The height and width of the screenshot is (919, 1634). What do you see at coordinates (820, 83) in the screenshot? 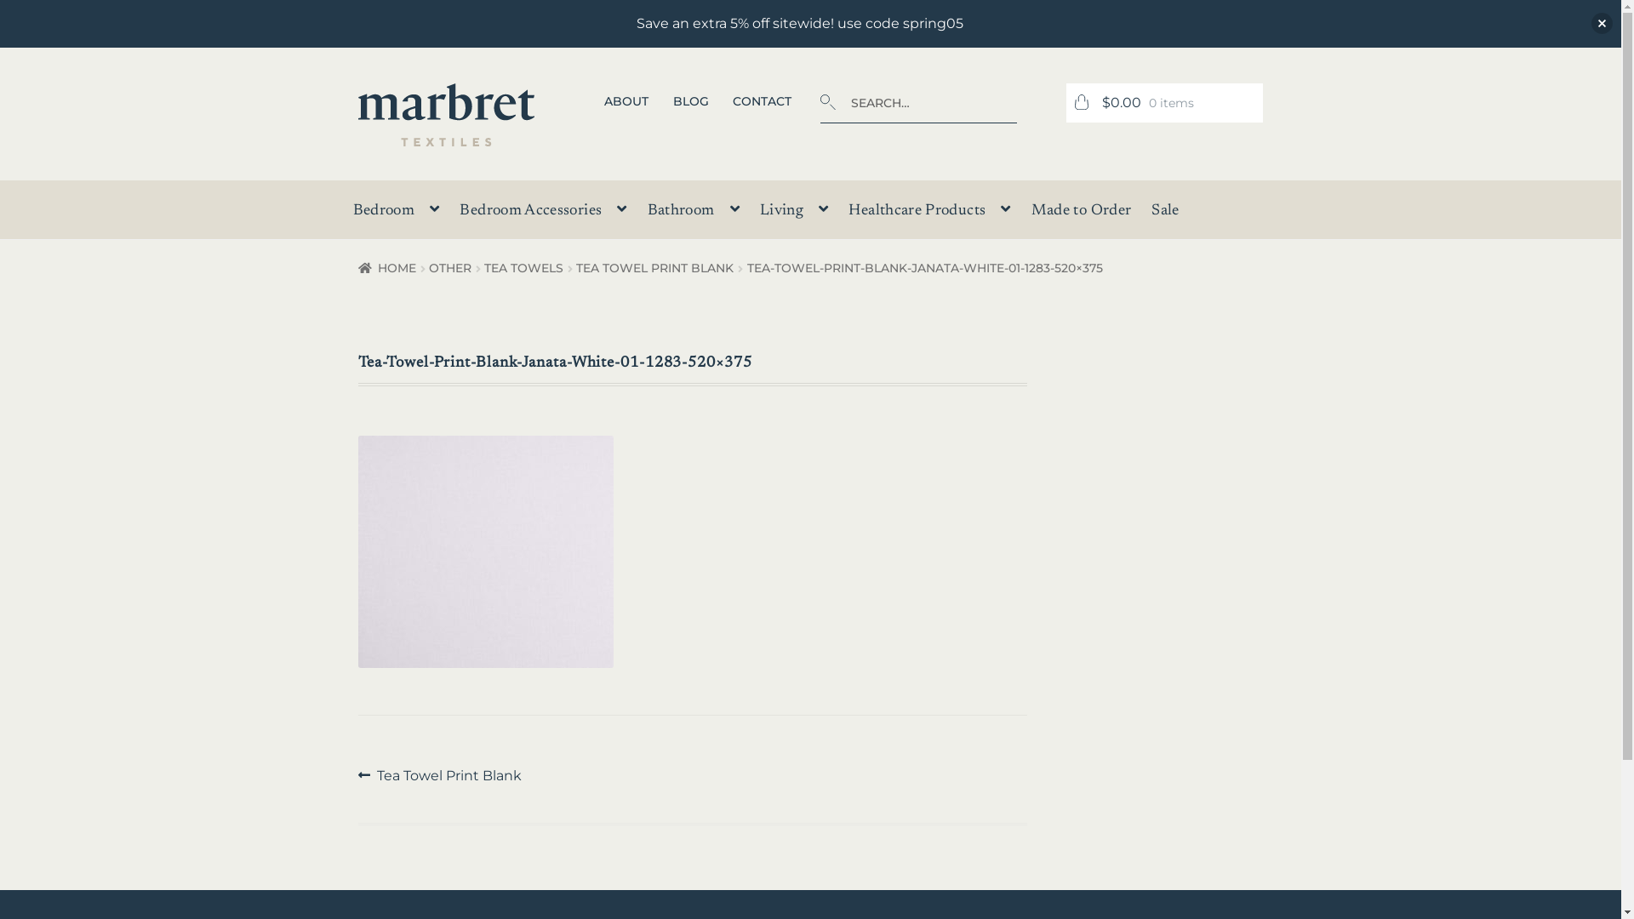
I see `'SEARCH'` at bounding box center [820, 83].